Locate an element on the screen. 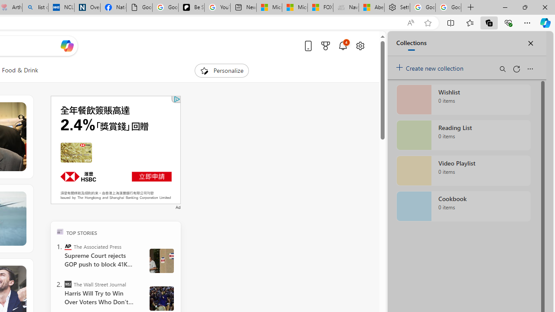  'Class: qc-adchoices-link top-right ' is located at coordinates (176, 98).